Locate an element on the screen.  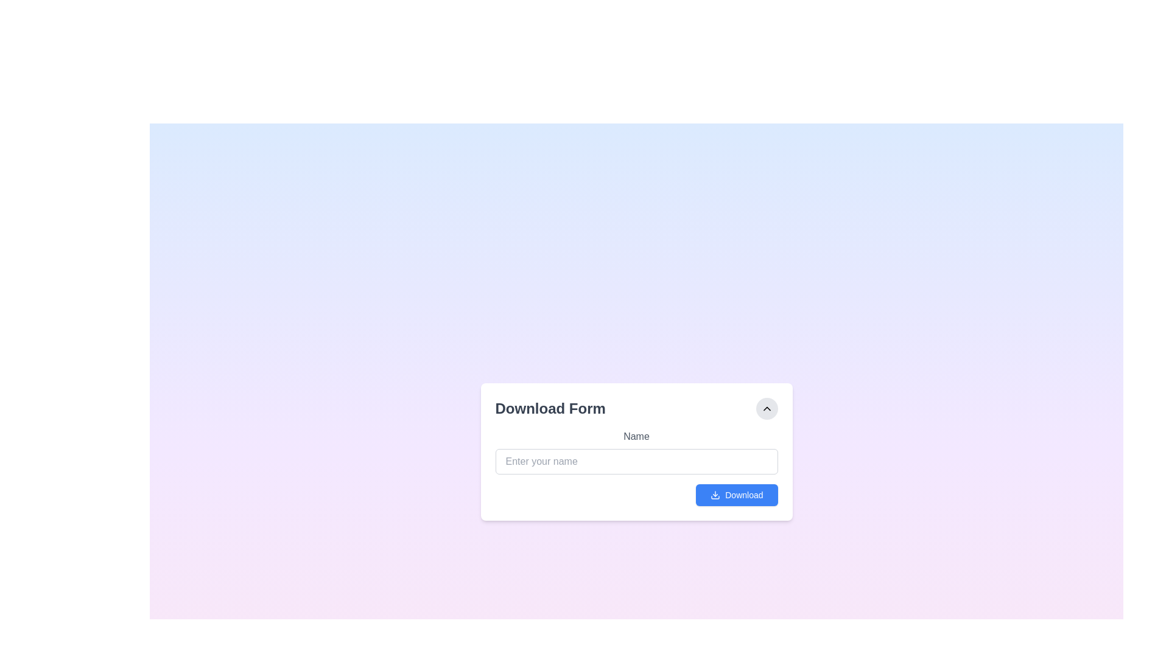
the blue 'Download' button with white text and a download arrow icon located at the bottom right corner of the 'Download Form' card to initiate the download is located at coordinates (736, 495).